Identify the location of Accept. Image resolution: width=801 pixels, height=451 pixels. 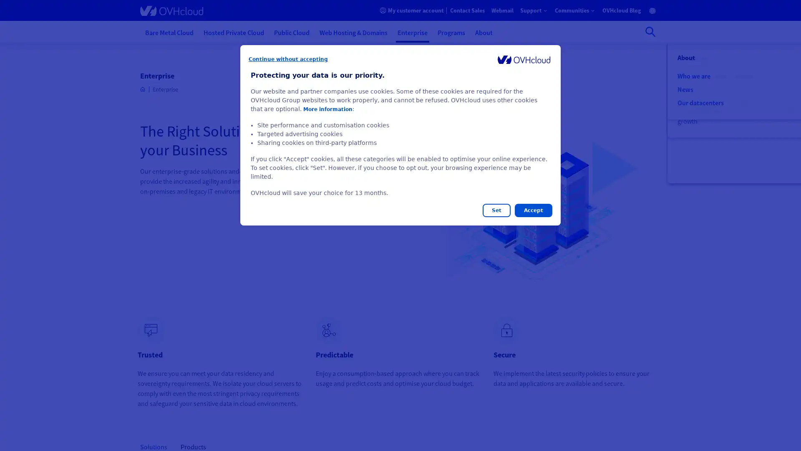
(533, 210).